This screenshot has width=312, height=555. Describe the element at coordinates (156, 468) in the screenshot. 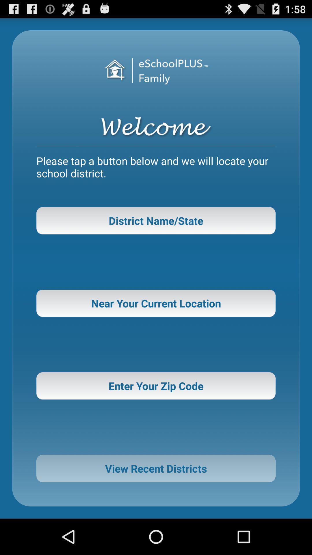

I see `the view recent districts` at that location.